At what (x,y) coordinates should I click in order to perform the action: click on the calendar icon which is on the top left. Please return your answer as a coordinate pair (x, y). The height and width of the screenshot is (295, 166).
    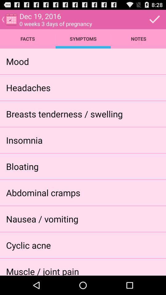
    Looking at the image, I should click on (11, 19).